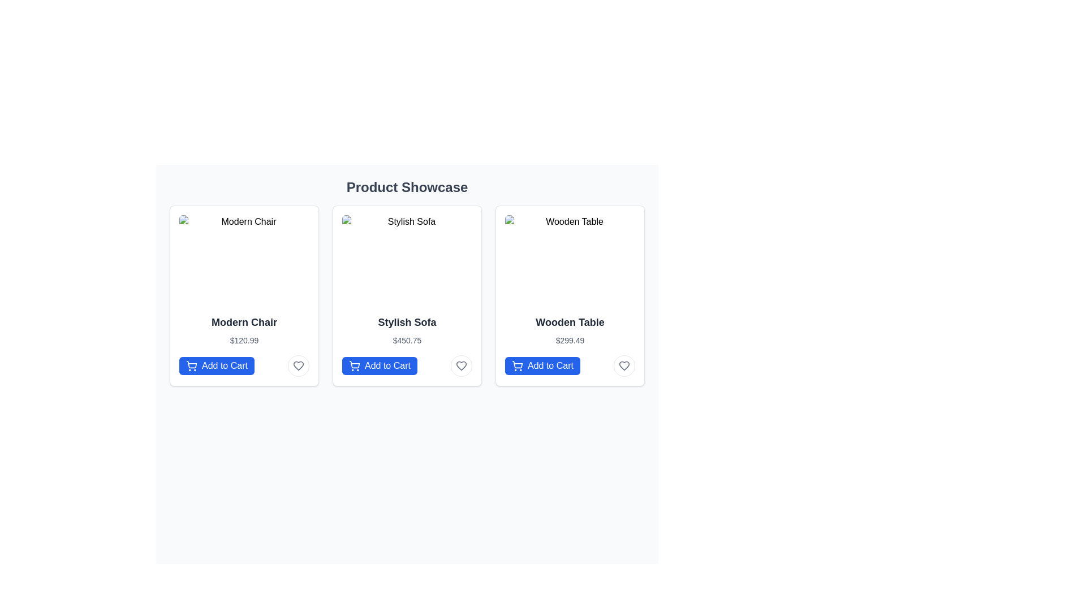  Describe the element at coordinates (244, 260) in the screenshot. I see `the image representing the product 'Modern Chair', which is located in the first product card at the top part of the card above the product name and price` at that location.